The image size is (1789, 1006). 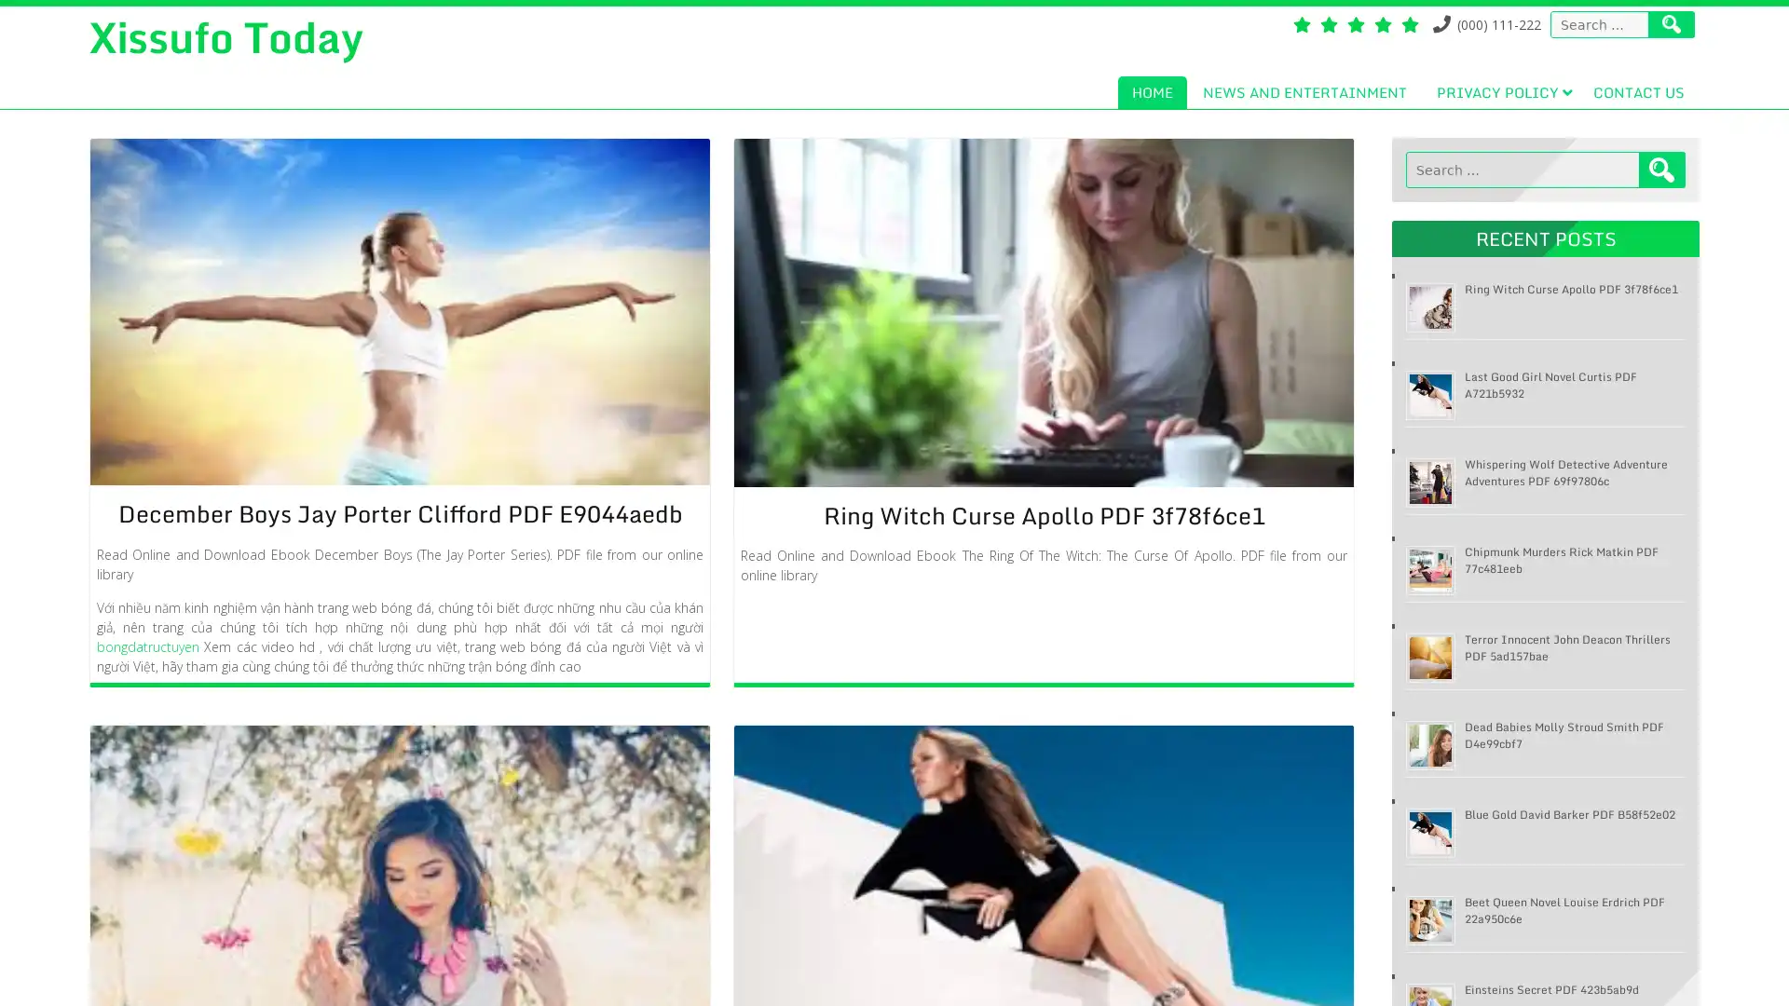 What do you see at coordinates (1672, 24) in the screenshot?
I see `Search` at bounding box center [1672, 24].